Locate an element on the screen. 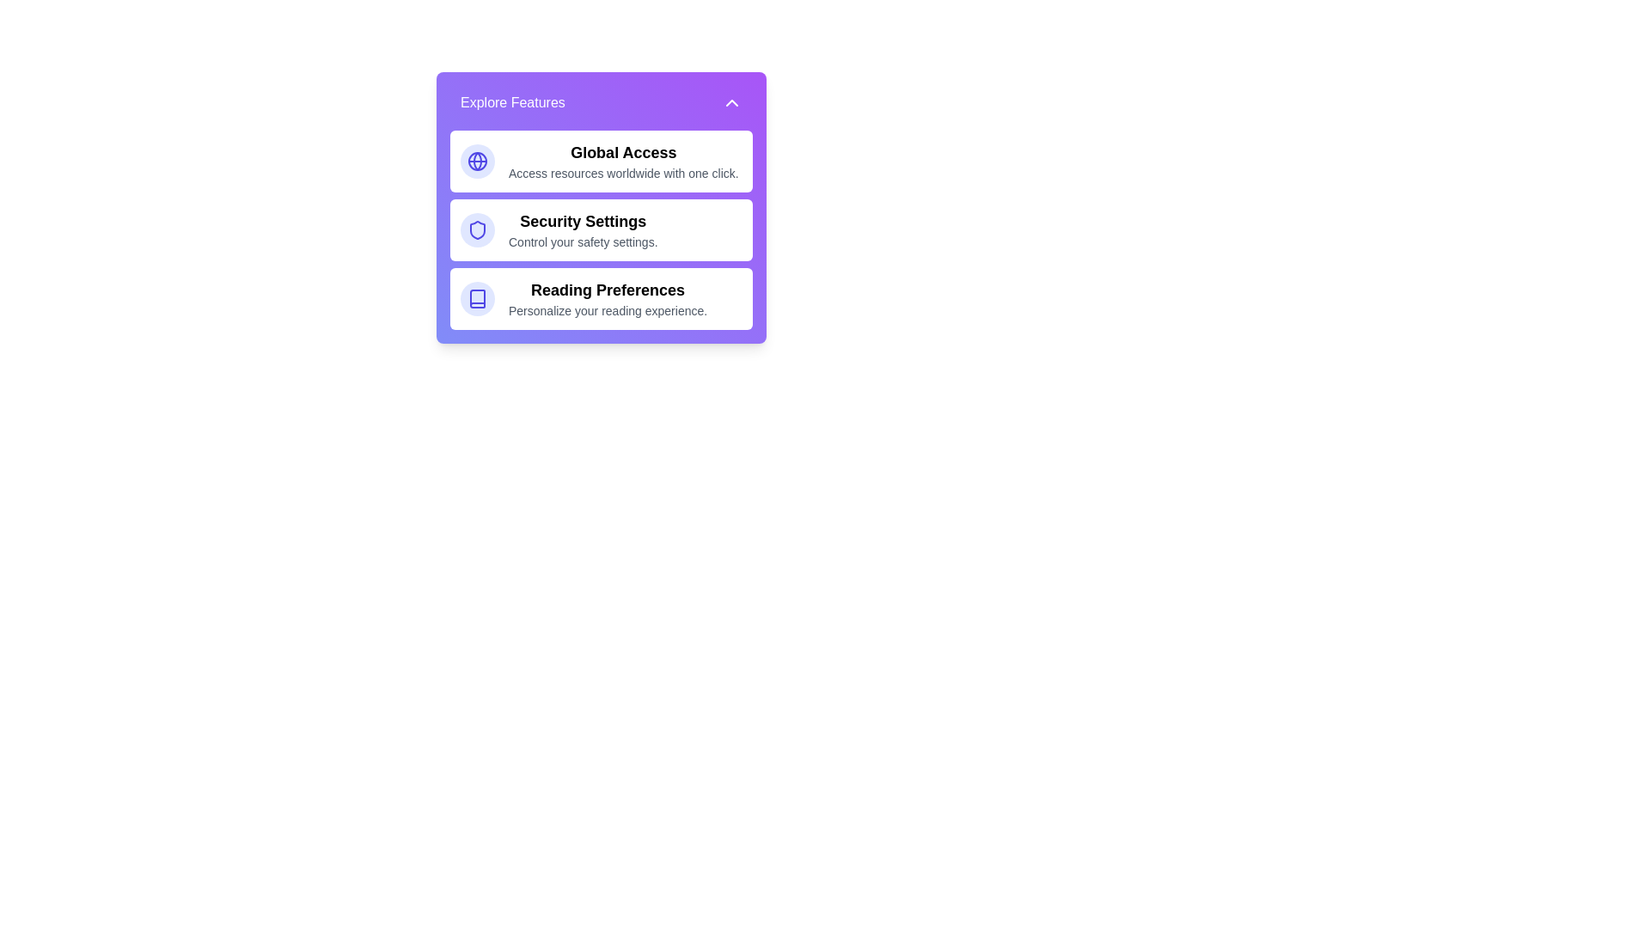 The height and width of the screenshot is (928, 1650). the 'Global Access' clickable card, which features a globe icon and is the first item in the 'Explore Features' section is located at coordinates (602, 162).